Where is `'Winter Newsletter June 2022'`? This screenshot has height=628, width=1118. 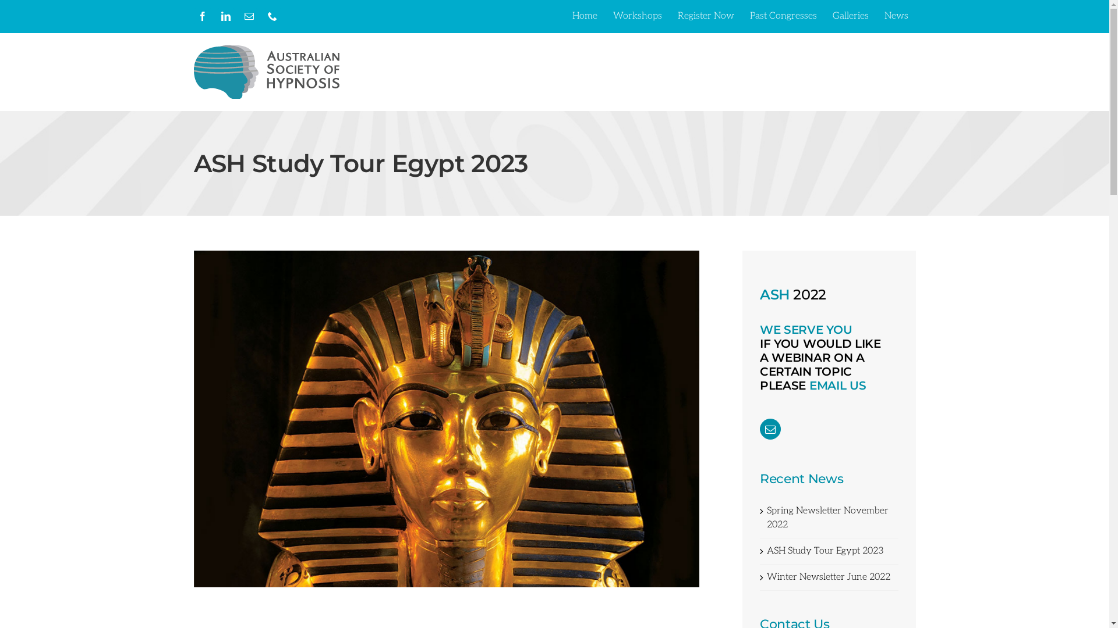 'Winter Newsletter June 2022' is located at coordinates (827, 577).